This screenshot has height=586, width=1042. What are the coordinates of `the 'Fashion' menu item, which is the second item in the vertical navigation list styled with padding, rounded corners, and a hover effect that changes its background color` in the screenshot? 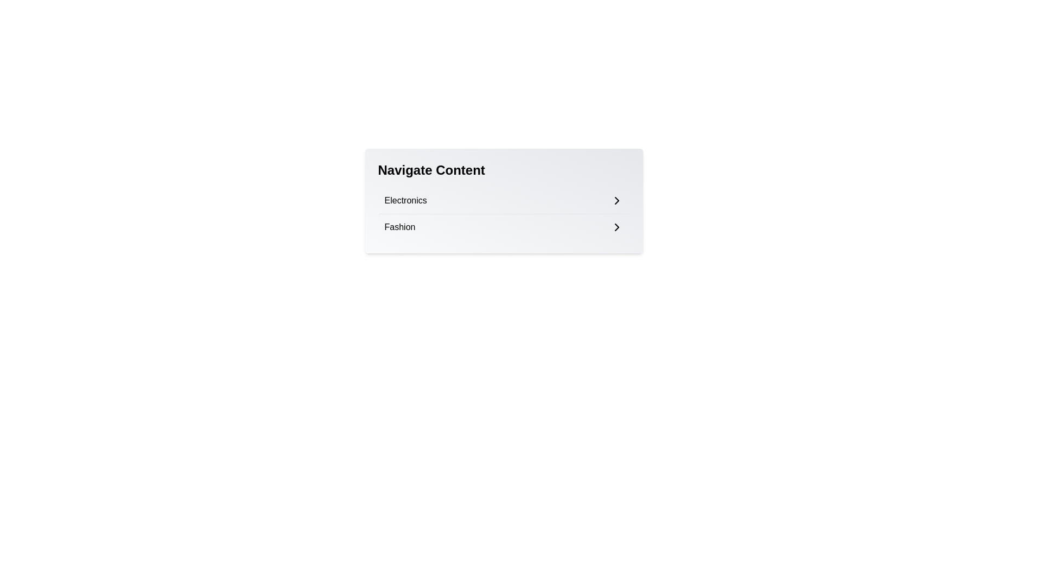 It's located at (503, 226).